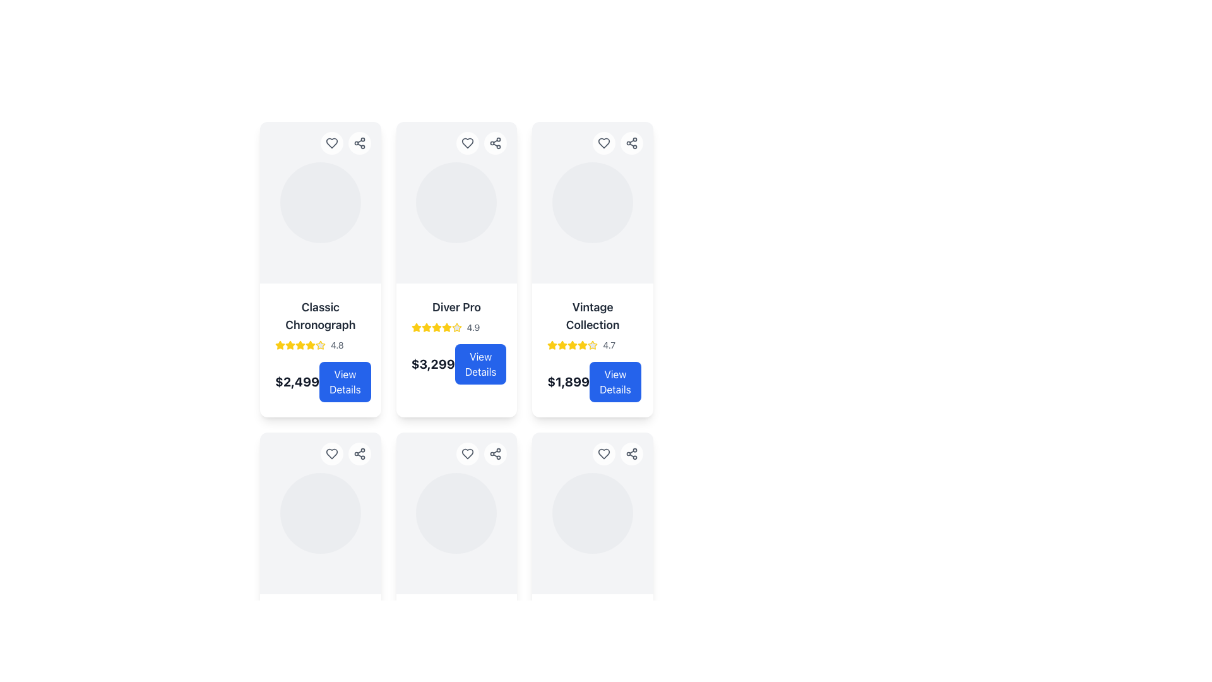 Image resolution: width=1212 pixels, height=682 pixels. I want to click on the sixth star icon filled with yellow color in the rating system for the 'Diver Pro' product on the second card, so click(446, 327).